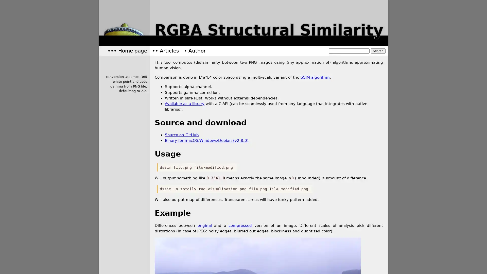  Describe the element at coordinates (378, 51) in the screenshot. I see `Search` at that location.